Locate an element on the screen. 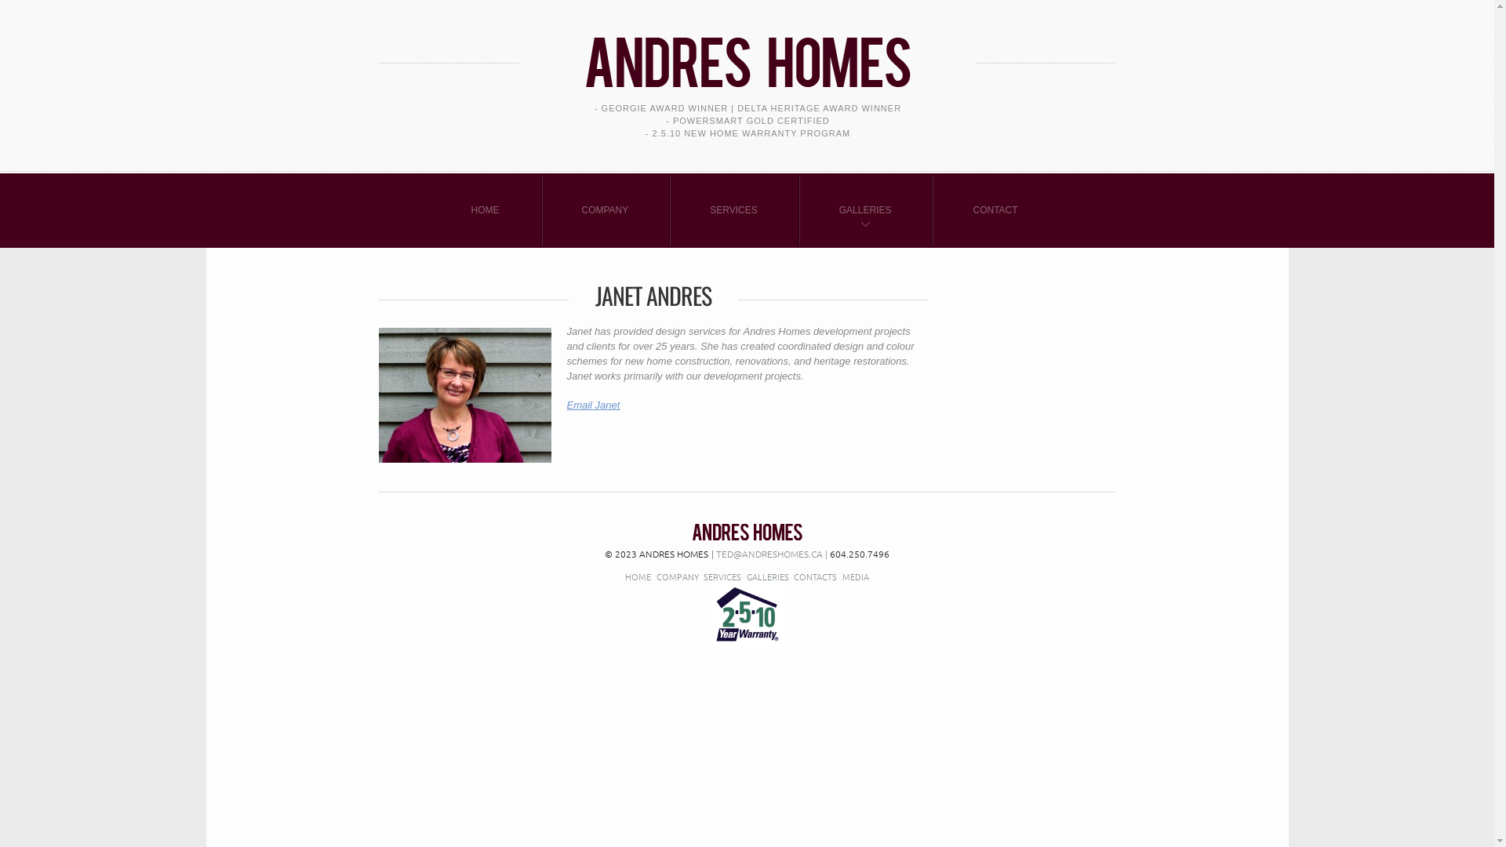  'CONTACT' is located at coordinates (994, 209).